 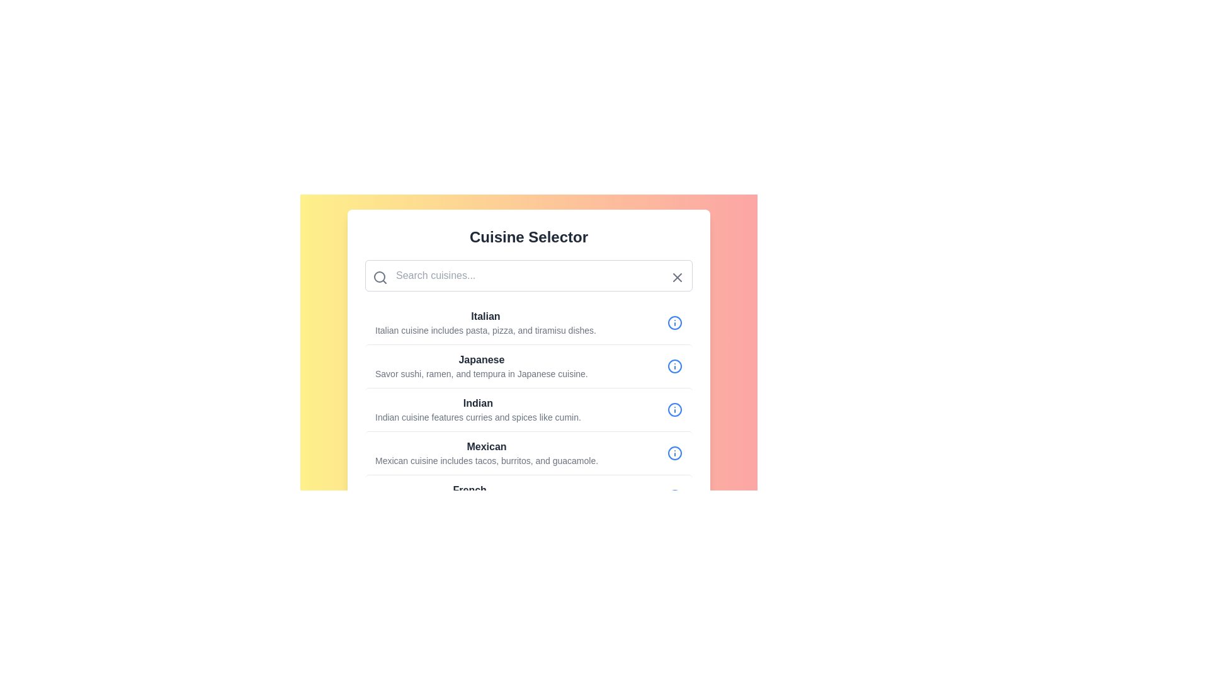 What do you see at coordinates (485, 322) in the screenshot?
I see `text of the Italian cuisine menu item located in the first row of the list within the 'Cuisine Selector' panel, positioned above the 'Japanese' text and below the search bar` at bounding box center [485, 322].